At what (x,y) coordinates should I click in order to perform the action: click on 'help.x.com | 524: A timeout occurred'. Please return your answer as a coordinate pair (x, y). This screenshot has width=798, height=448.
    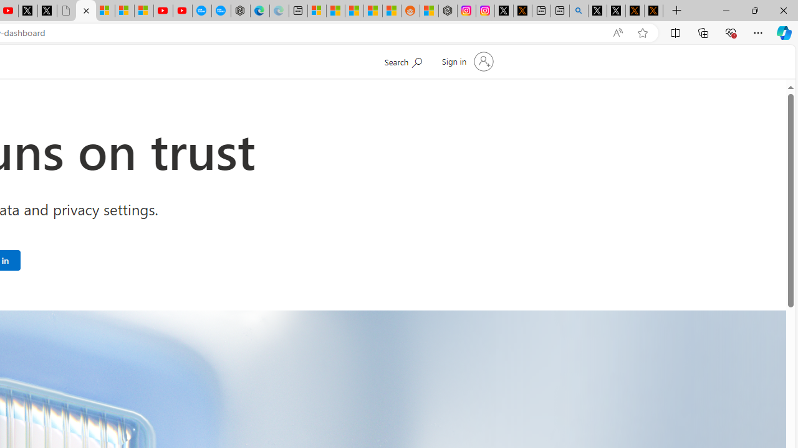
    Looking at the image, I should click on (522, 11).